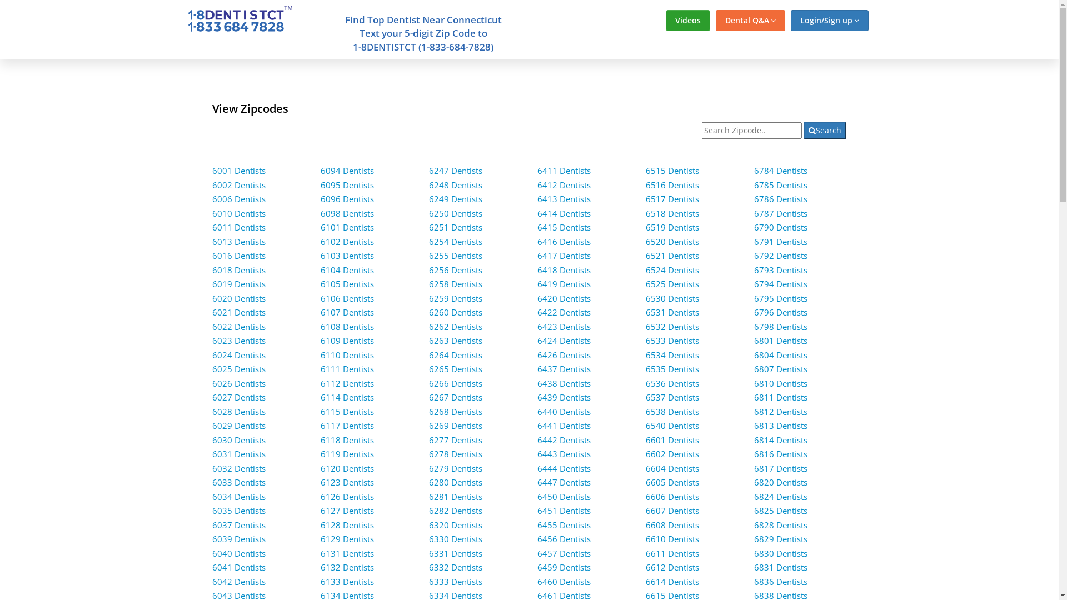 The height and width of the screenshot is (600, 1067). I want to click on '6117 Dentists', so click(346, 425).